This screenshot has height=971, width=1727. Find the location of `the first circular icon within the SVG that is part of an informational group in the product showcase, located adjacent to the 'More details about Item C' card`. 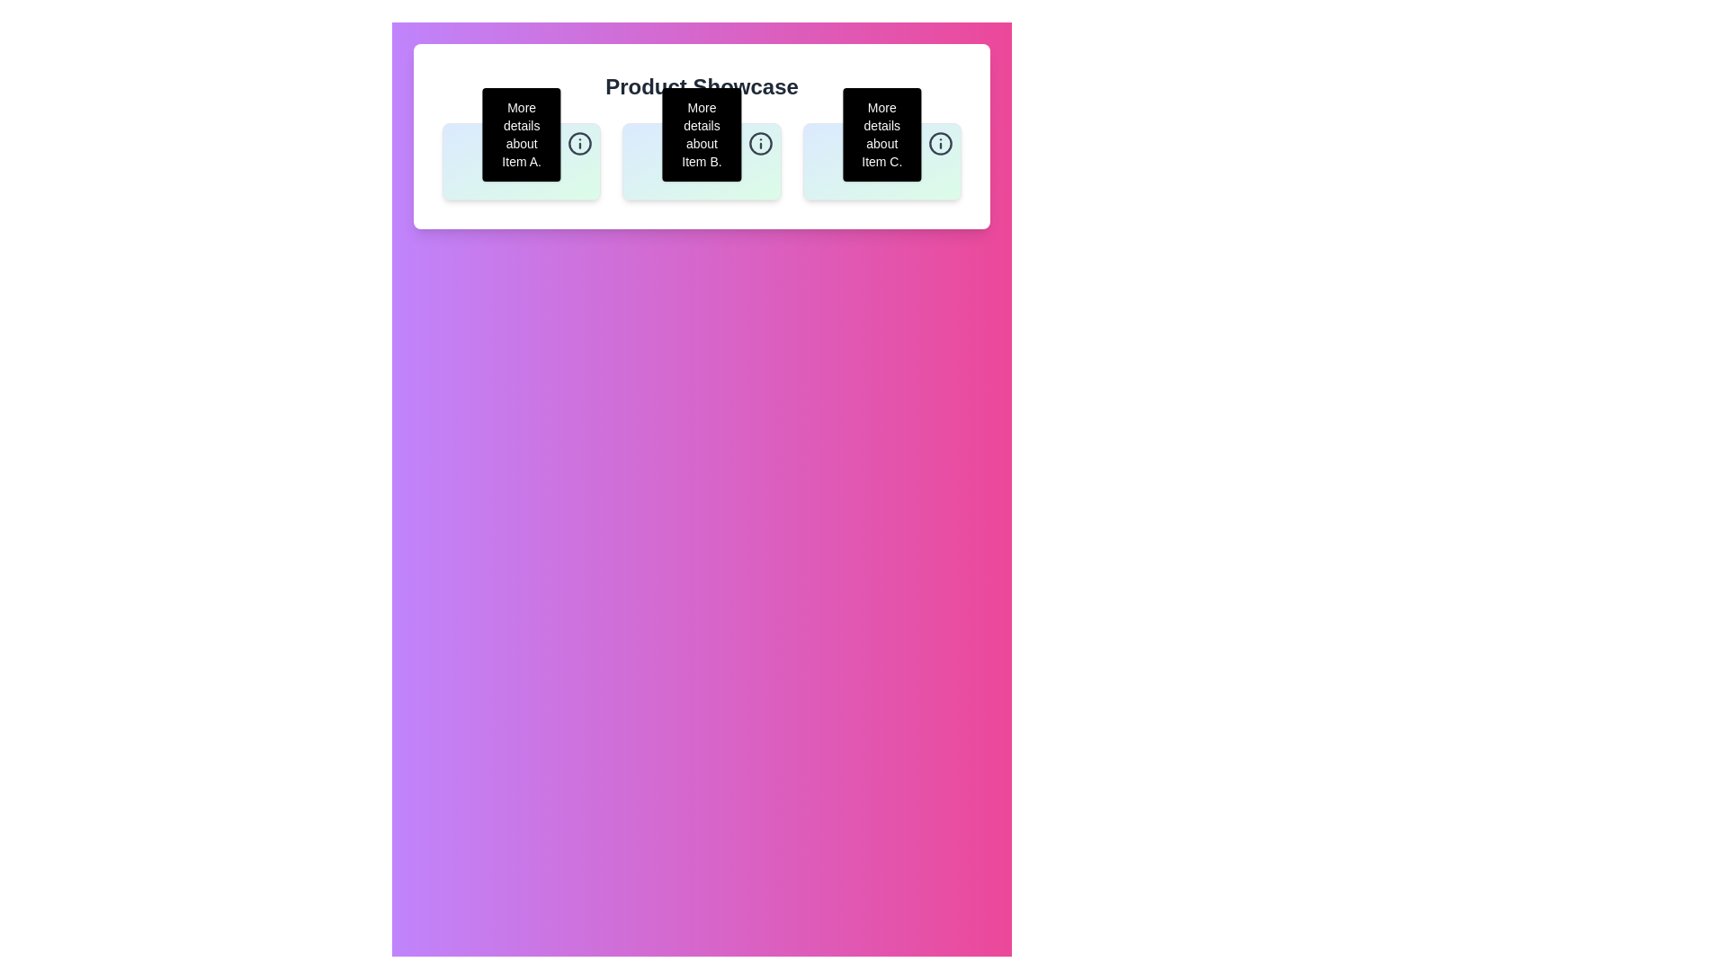

the first circular icon within the SVG that is part of an informational group in the product showcase, located adjacent to the 'More details about Item C' card is located at coordinates (940, 142).